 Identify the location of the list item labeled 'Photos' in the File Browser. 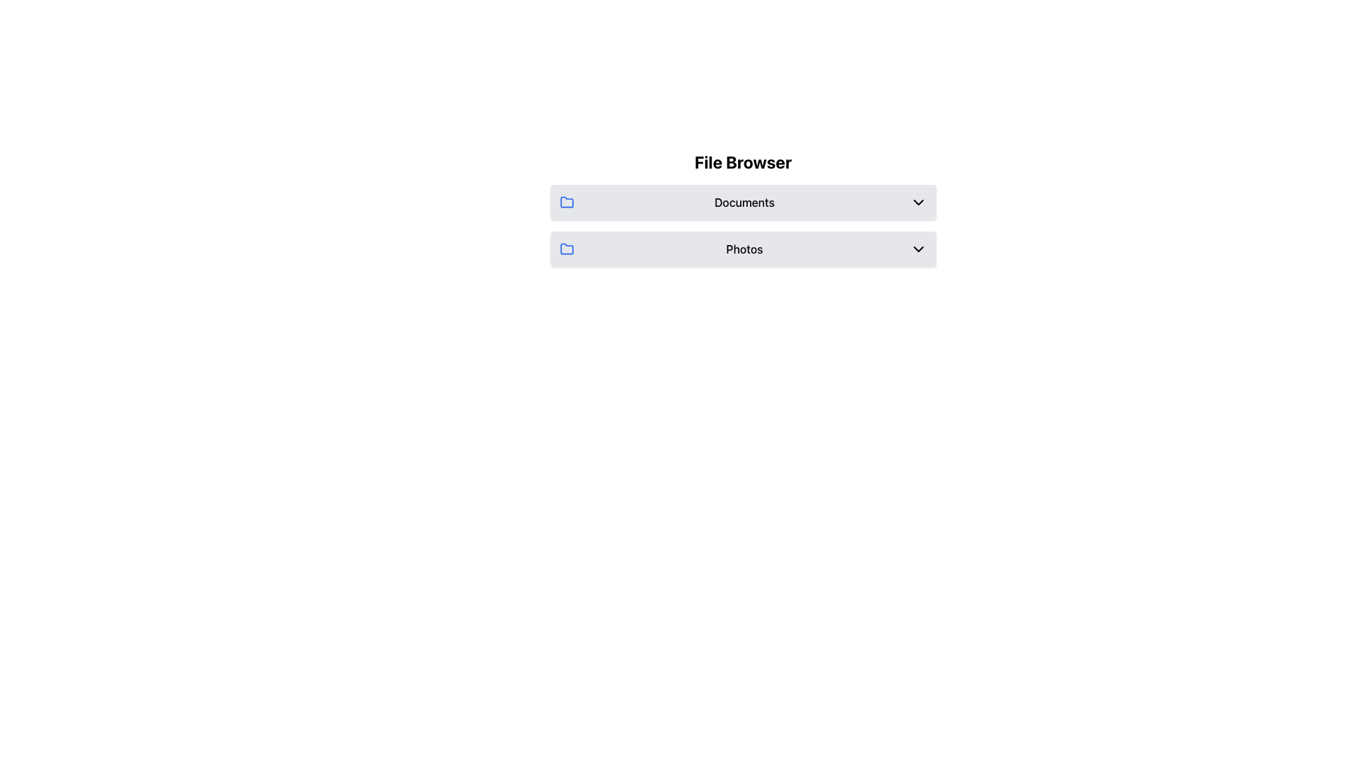
(742, 248).